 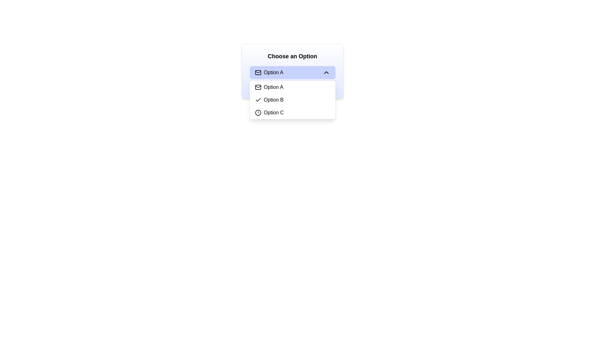 What do you see at coordinates (258, 112) in the screenshot?
I see `the circle SVG shape that indicates the alert status for the 'Option C' dropdown, located to the left of the 'Option C' text in the dropdown menu` at bounding box center [258, 112].